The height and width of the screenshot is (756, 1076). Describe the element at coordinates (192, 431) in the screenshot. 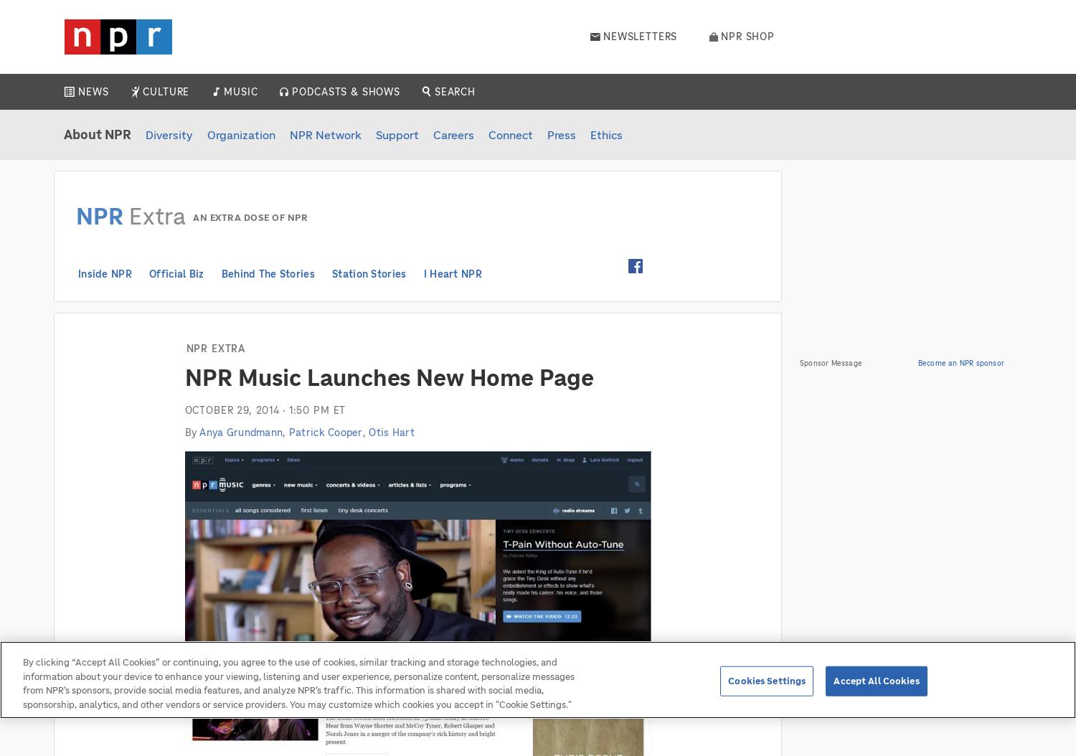

I see `'By'` at that location.